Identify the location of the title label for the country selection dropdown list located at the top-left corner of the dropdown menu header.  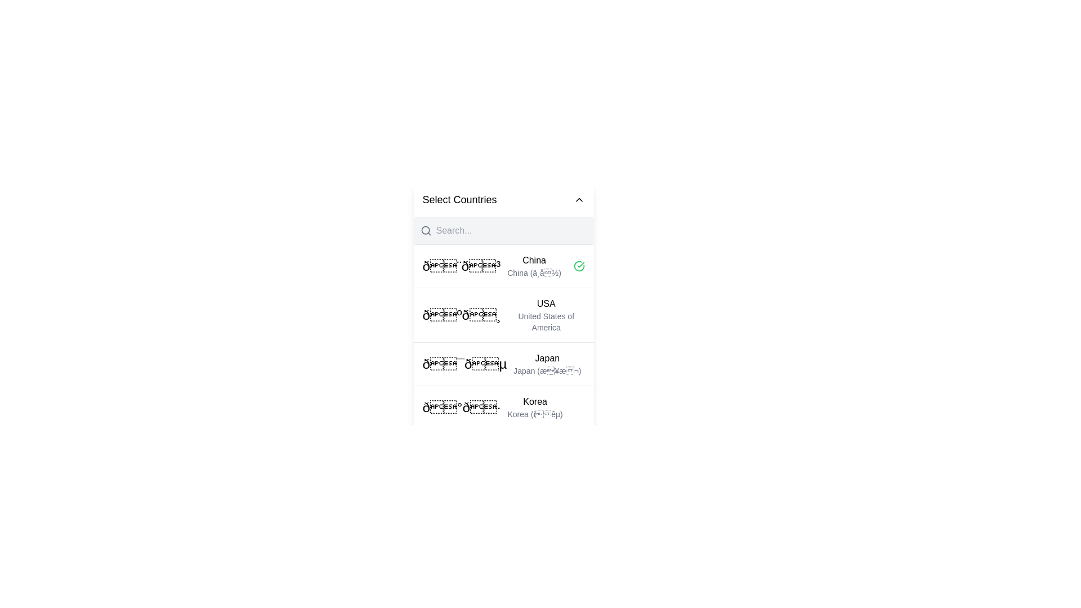
(459, 199).